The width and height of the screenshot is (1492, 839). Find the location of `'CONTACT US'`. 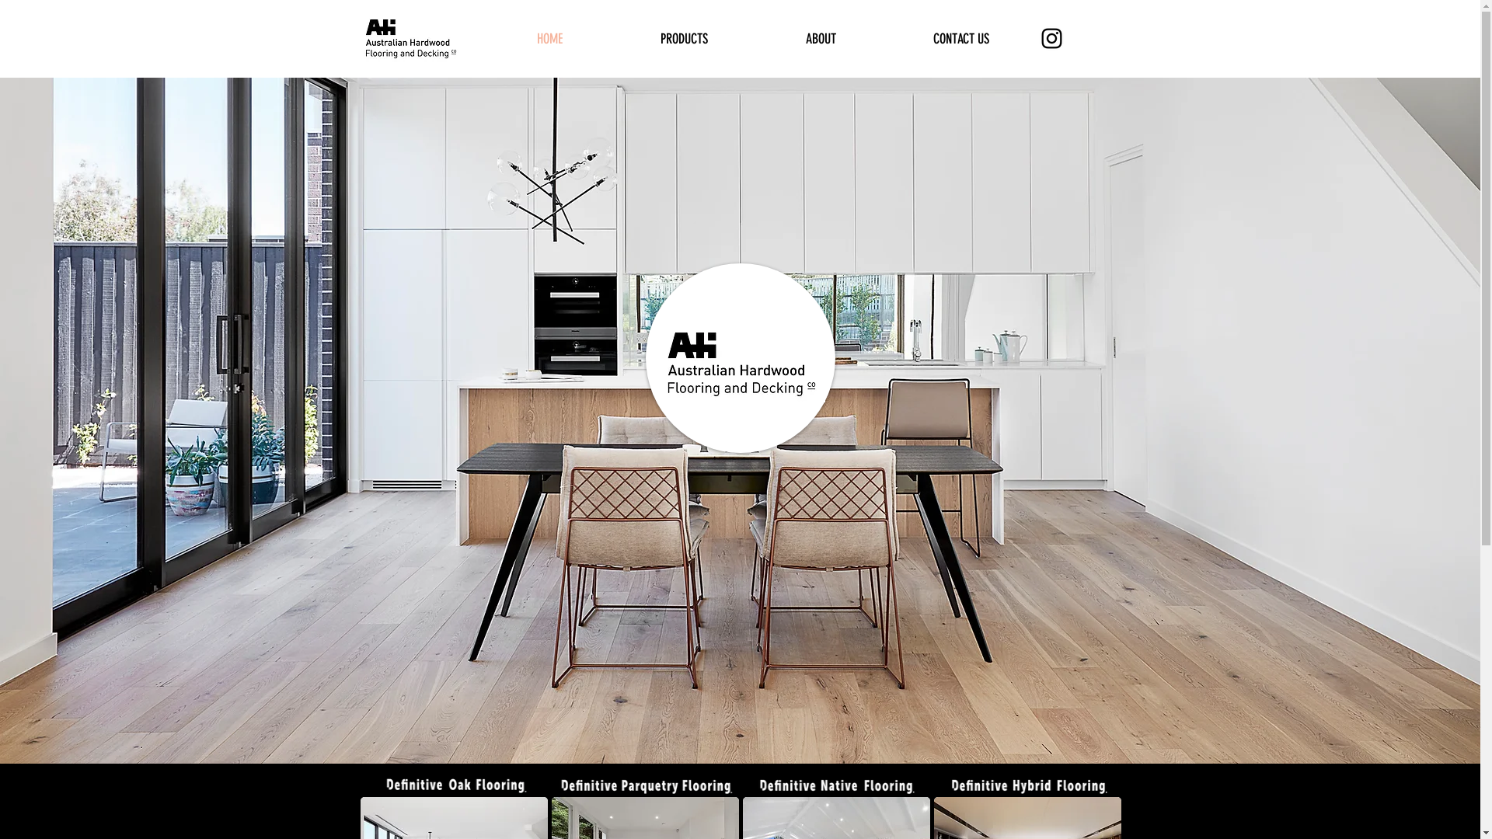

'CONTACT US' is located at coordinates (960, 38).